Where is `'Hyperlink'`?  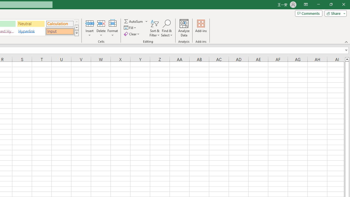 'Hyperlink' is located at coordinates (31, 31).